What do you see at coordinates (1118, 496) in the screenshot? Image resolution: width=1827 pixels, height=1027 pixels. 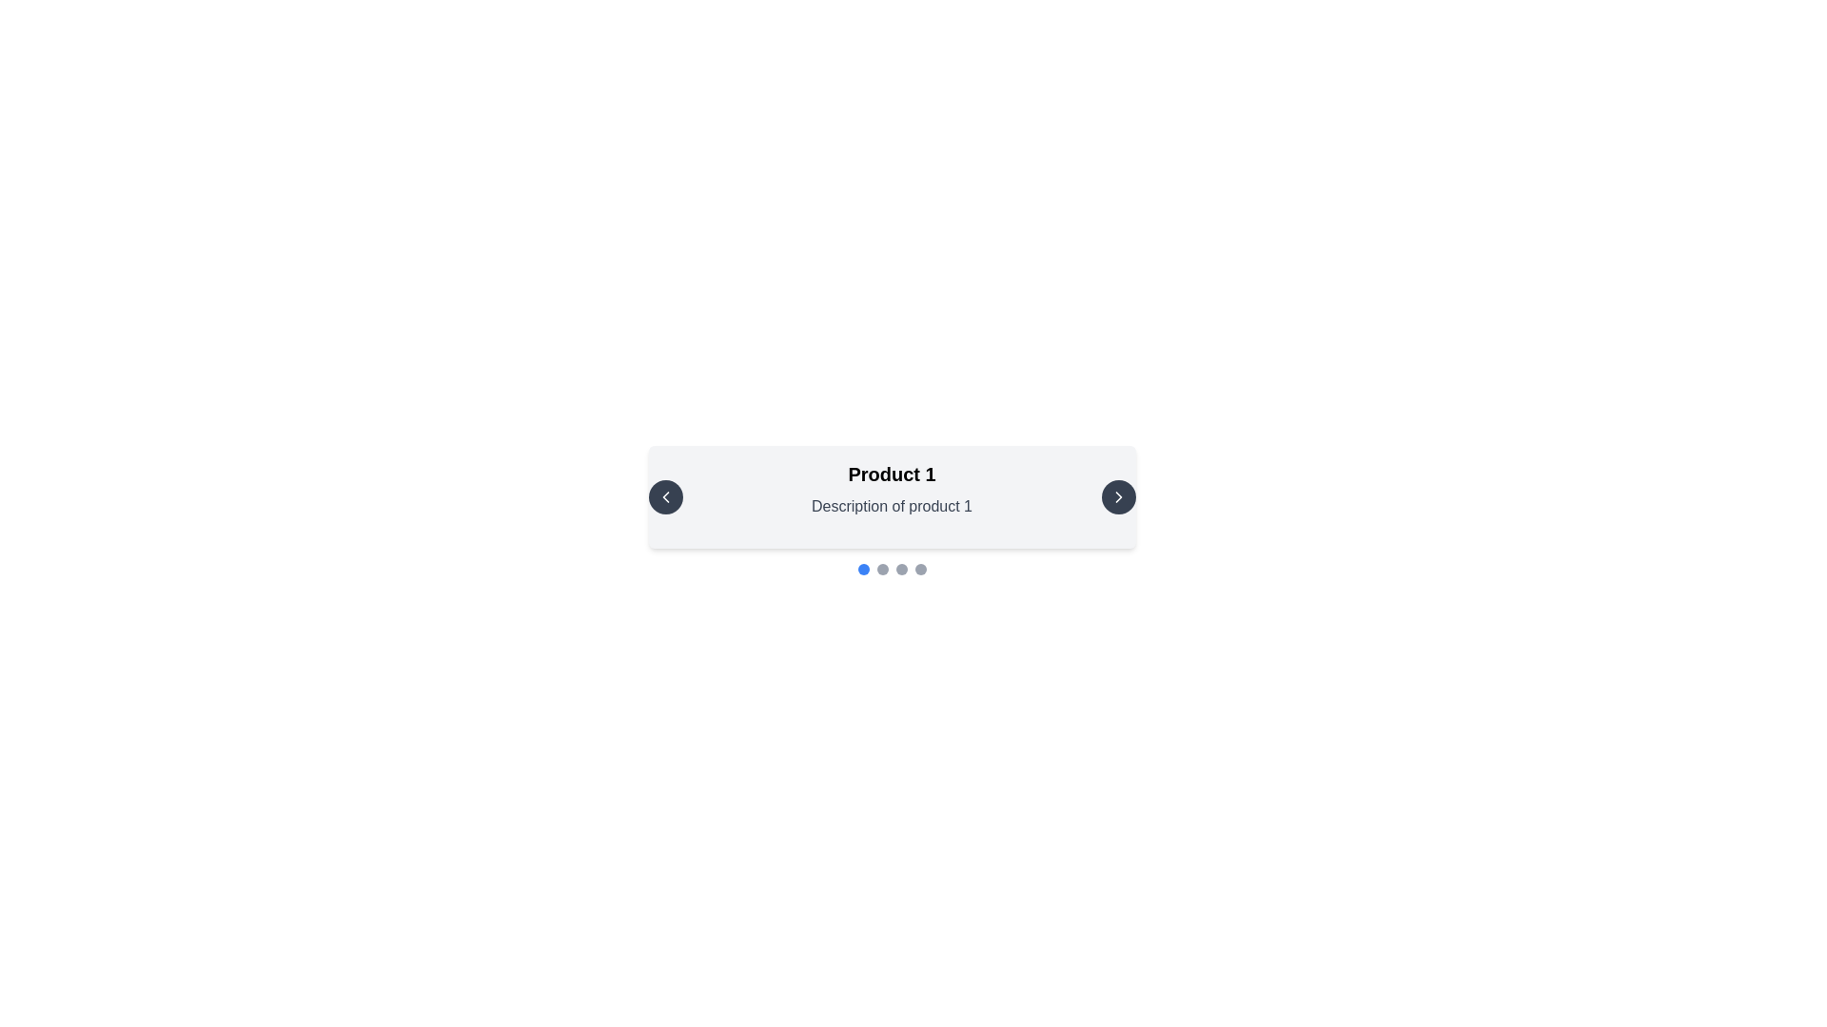 I see `the circular button with a dark gray background and a white right-facing chevron icon` at bounding box center [1118, 496].